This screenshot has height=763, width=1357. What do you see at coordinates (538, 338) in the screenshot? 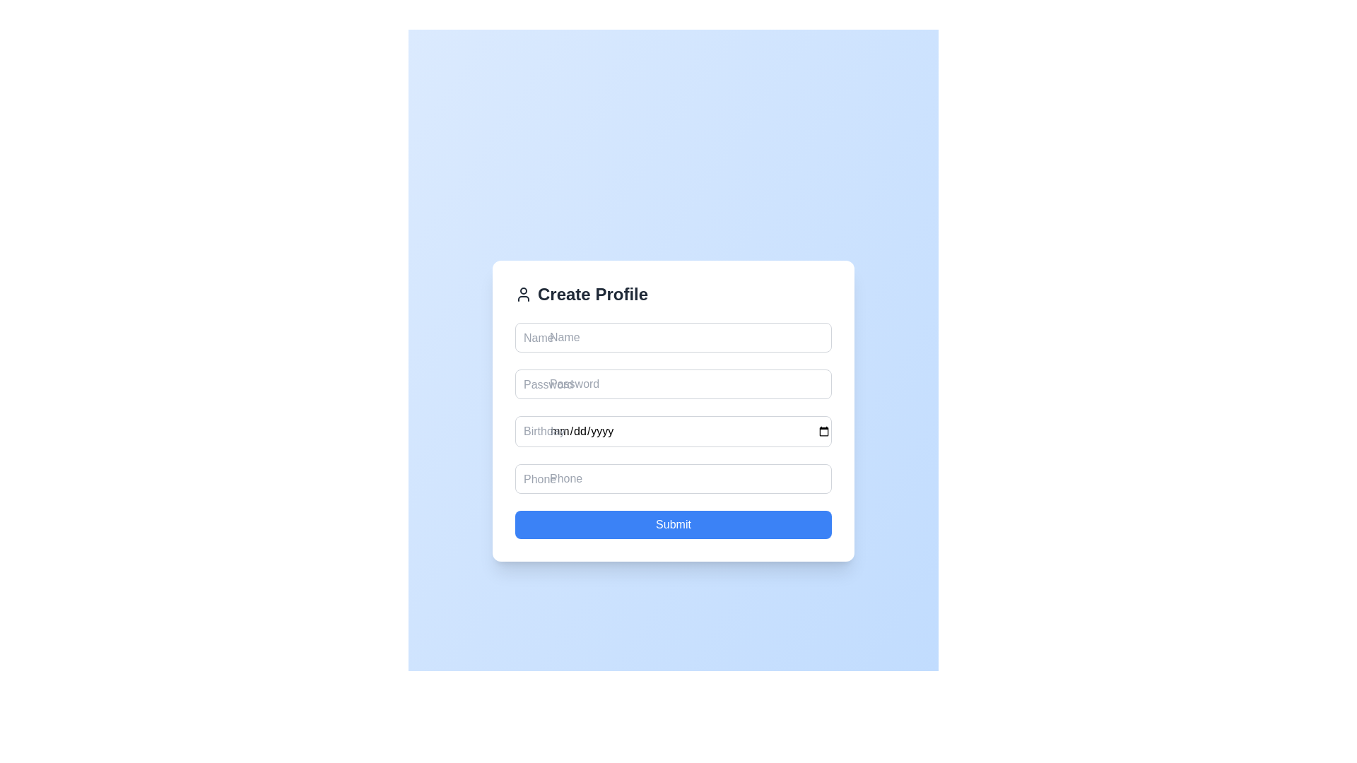
I see `the text label indicating the associated input box for entering a name in the 'Create Profile' form, positioned near the upper-left corner of the input box` at bounding box center [538, 338].